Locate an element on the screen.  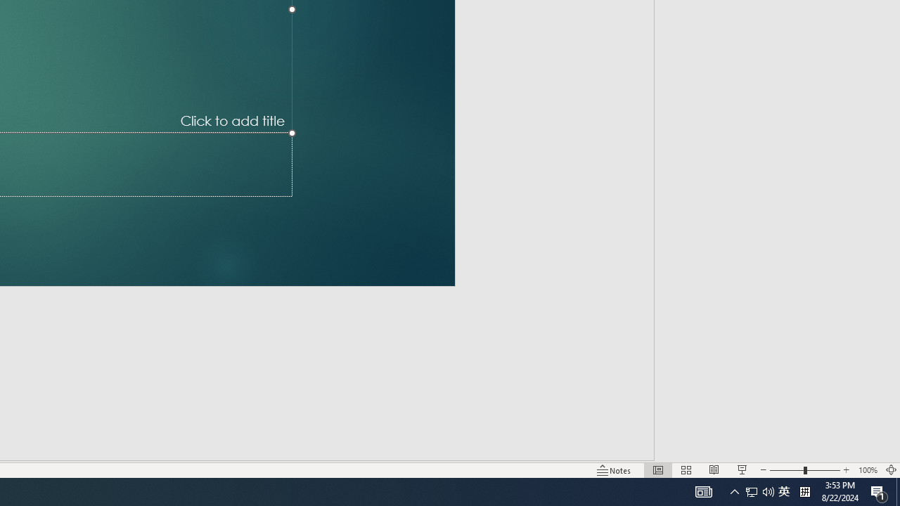
'Zoom 100%' is located at coordinates (867, 470).